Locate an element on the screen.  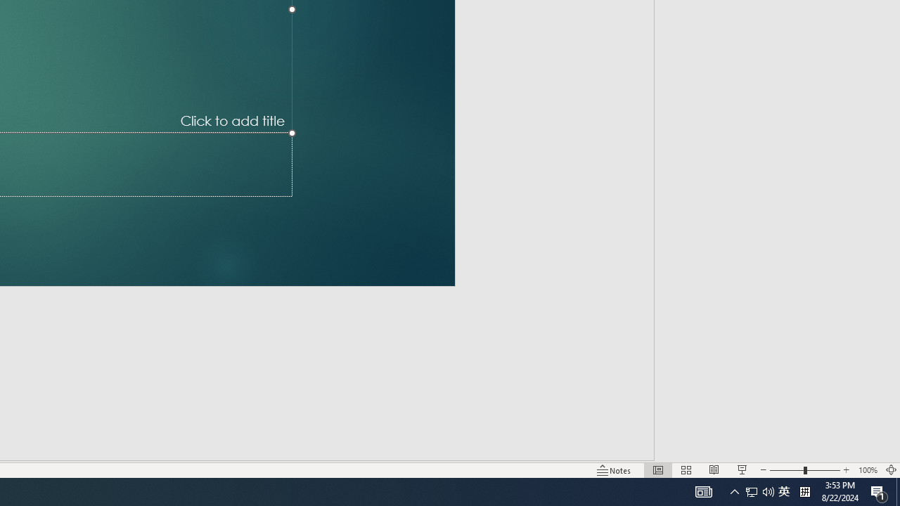
'Zoom 100%' is located at coordinates (867, 470).